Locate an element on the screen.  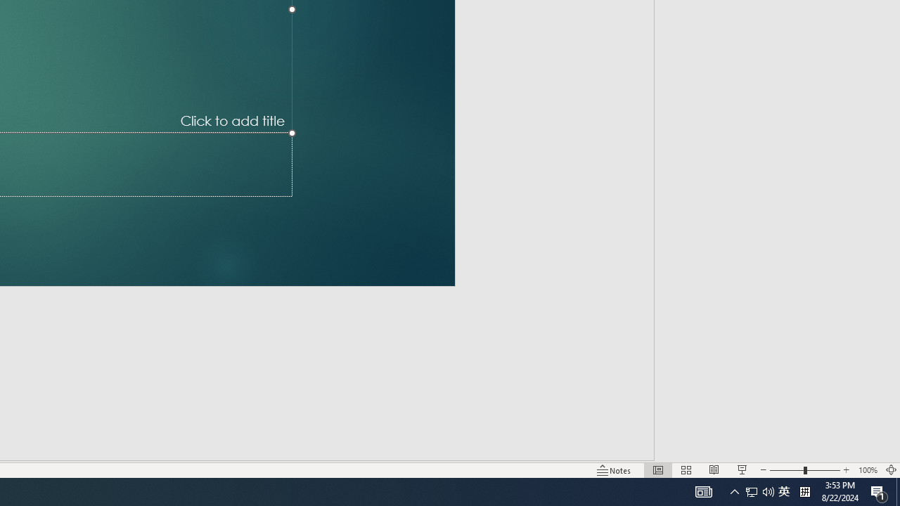
'Zoom 100%' is located at coordinates (867, 470).